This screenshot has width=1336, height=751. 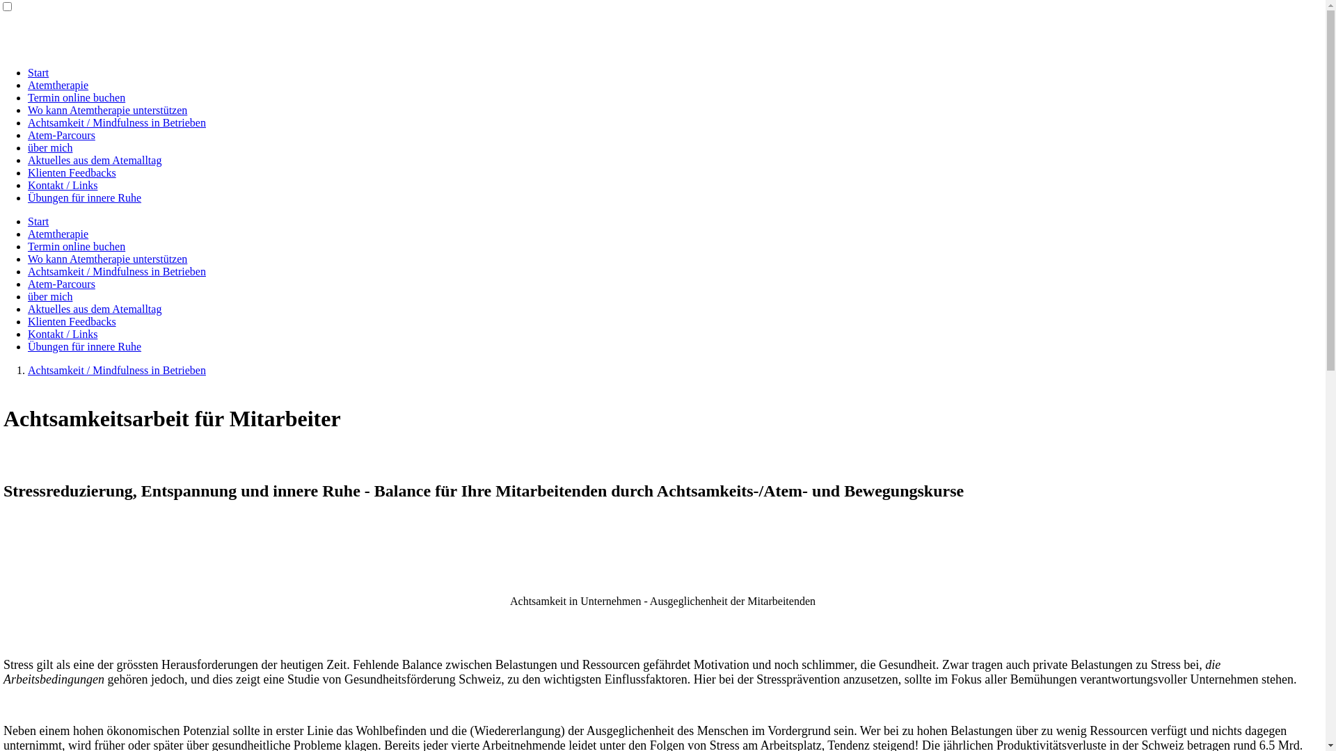 I want to click on 'Aktuelles aus dem Atemalltag', so click(x=93, y=308).